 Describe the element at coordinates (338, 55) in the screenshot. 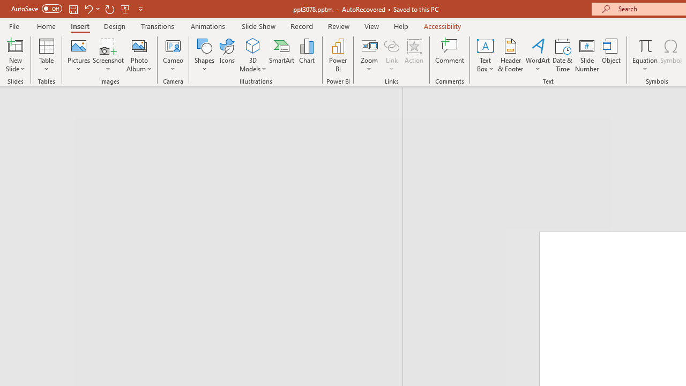

I see `'Power BI'` at that location.